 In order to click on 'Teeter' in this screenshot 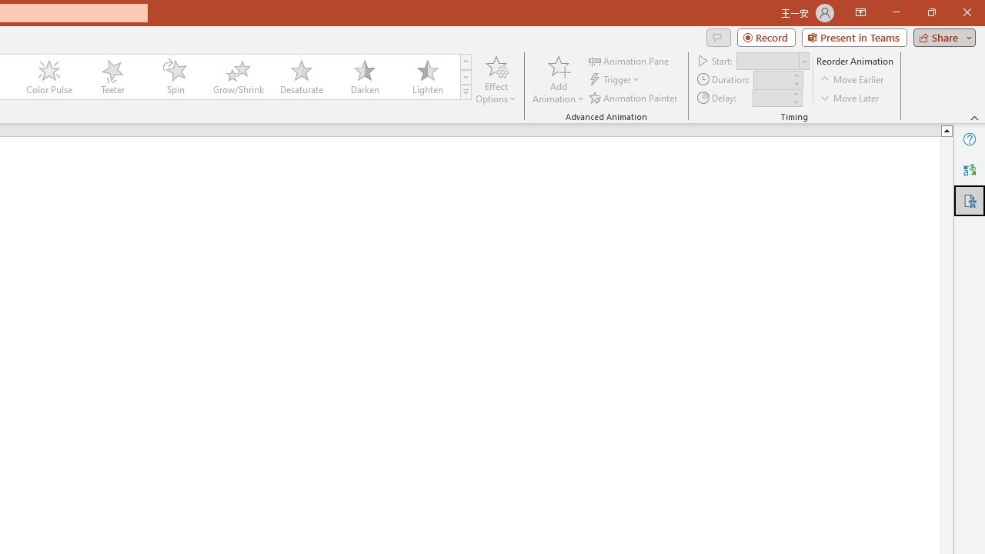, I will do `click(111, 77)`.